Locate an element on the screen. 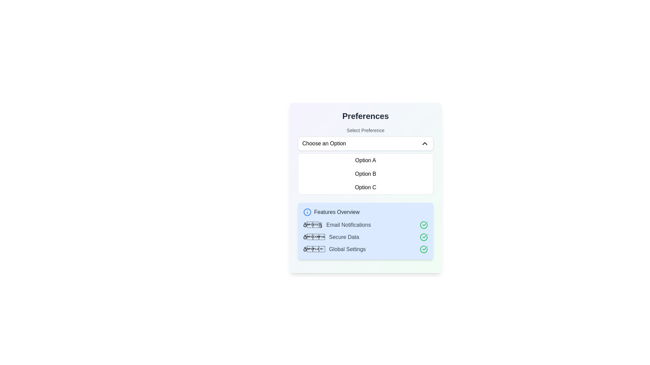 The image size is (650, 365). the third list item labeled 'Global Settings' which displays its current status or selection is located at coordinates (365, 249).